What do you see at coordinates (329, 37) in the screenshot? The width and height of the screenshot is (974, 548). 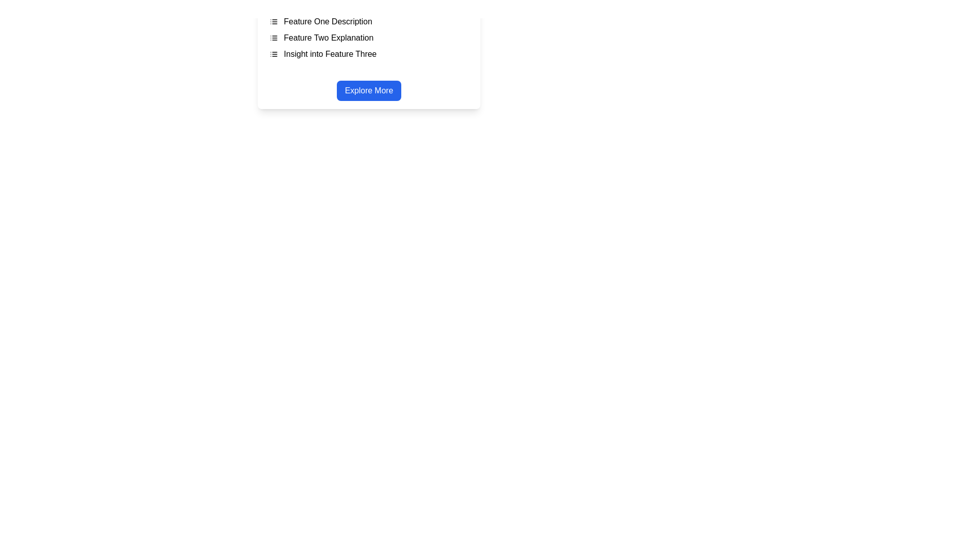 I see `the text label displaying 'Feature Two Explanation'` at bounding box center [329, 37].